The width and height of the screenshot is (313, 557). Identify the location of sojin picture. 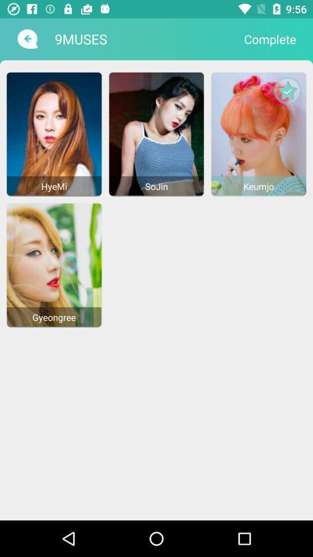
(156, 133).